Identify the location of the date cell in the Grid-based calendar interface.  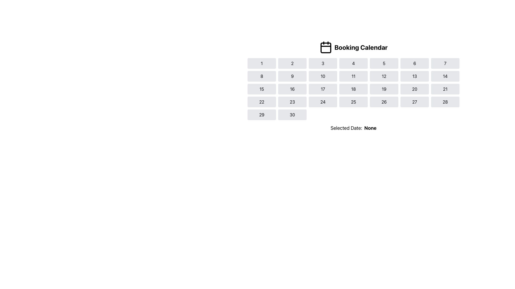
(354, 89).